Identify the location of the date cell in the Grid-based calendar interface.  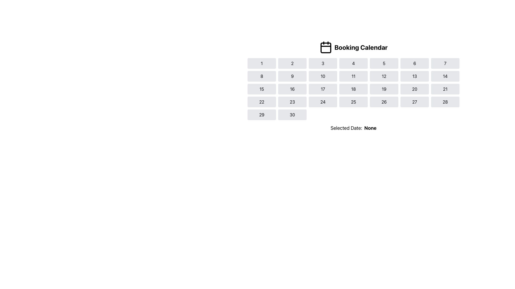
(354, 89).